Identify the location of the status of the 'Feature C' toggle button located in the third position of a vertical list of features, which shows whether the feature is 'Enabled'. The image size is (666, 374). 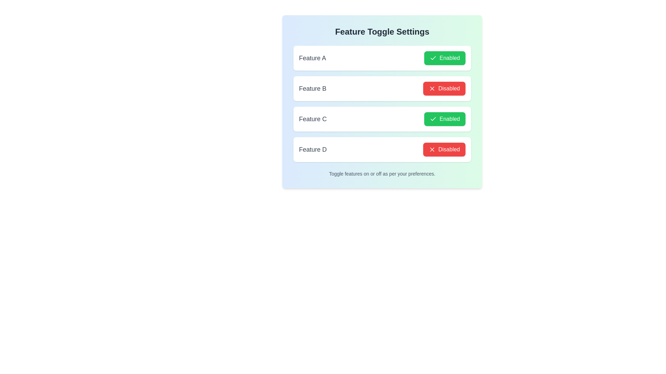
(382, 118).